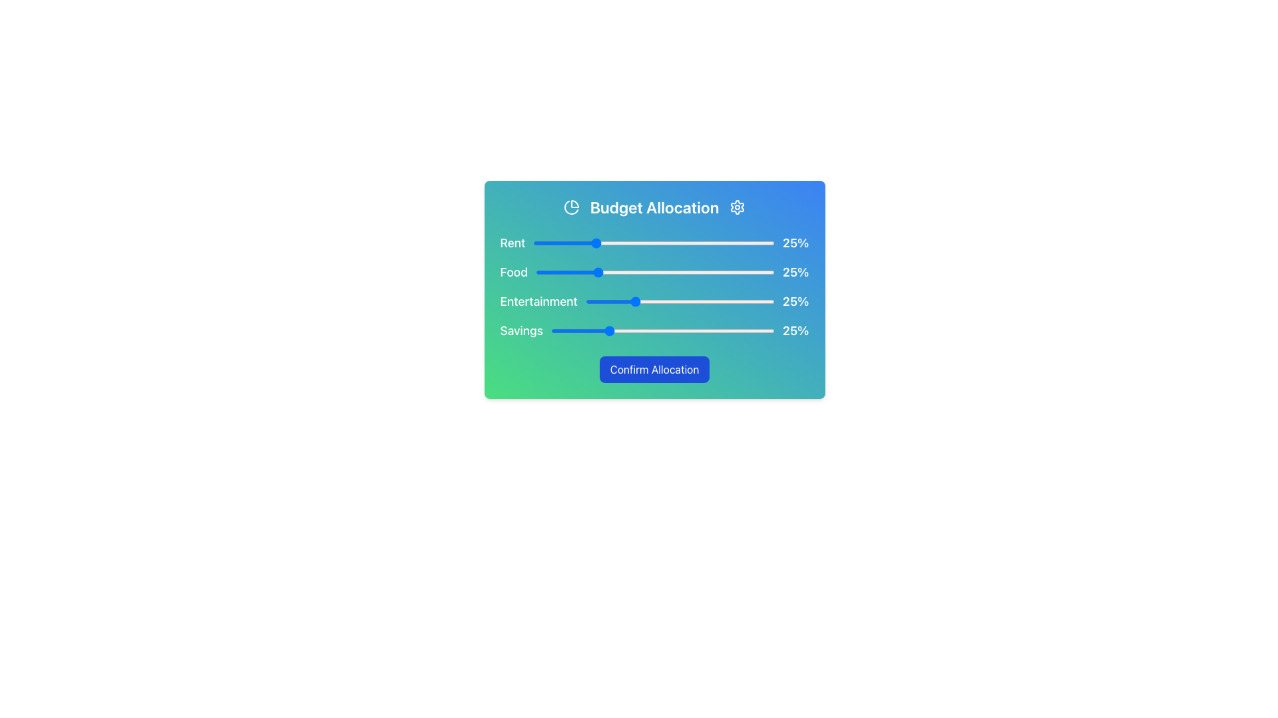  I want to click on the Entertainment budget percentage, so click(588, 302).